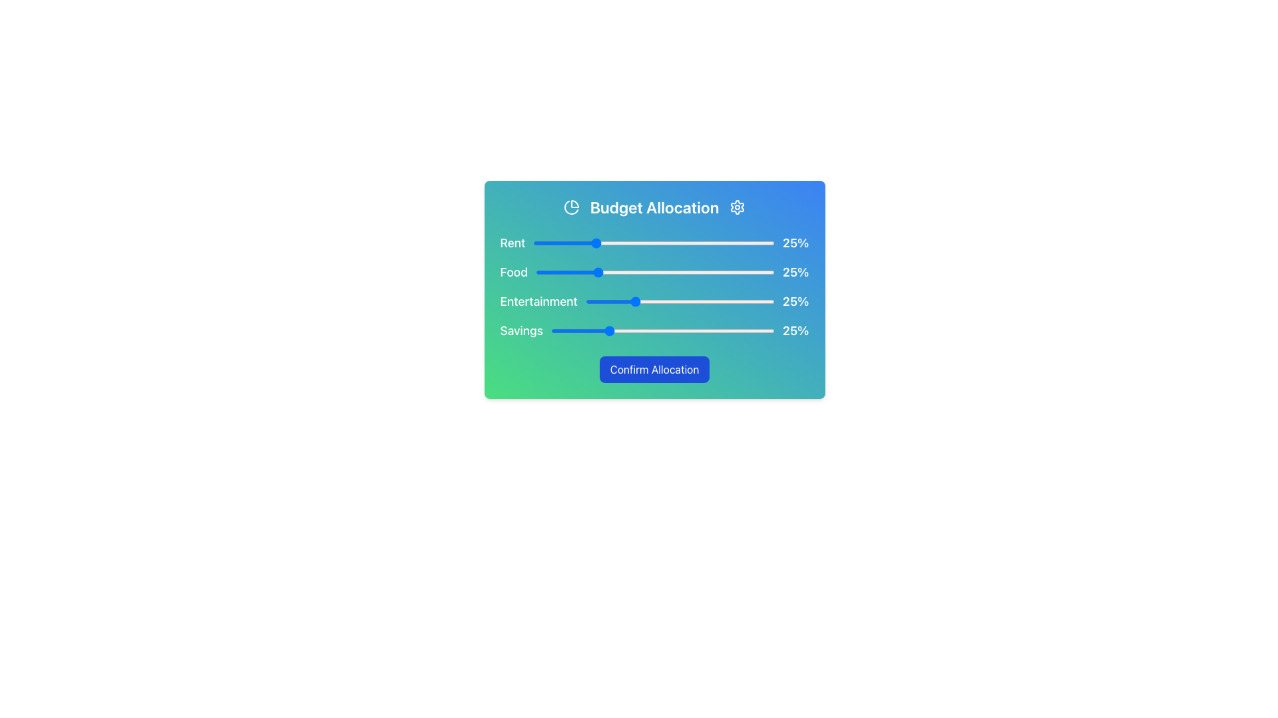  I want to click on the Entertainment budget percentage, so click(588, 302).